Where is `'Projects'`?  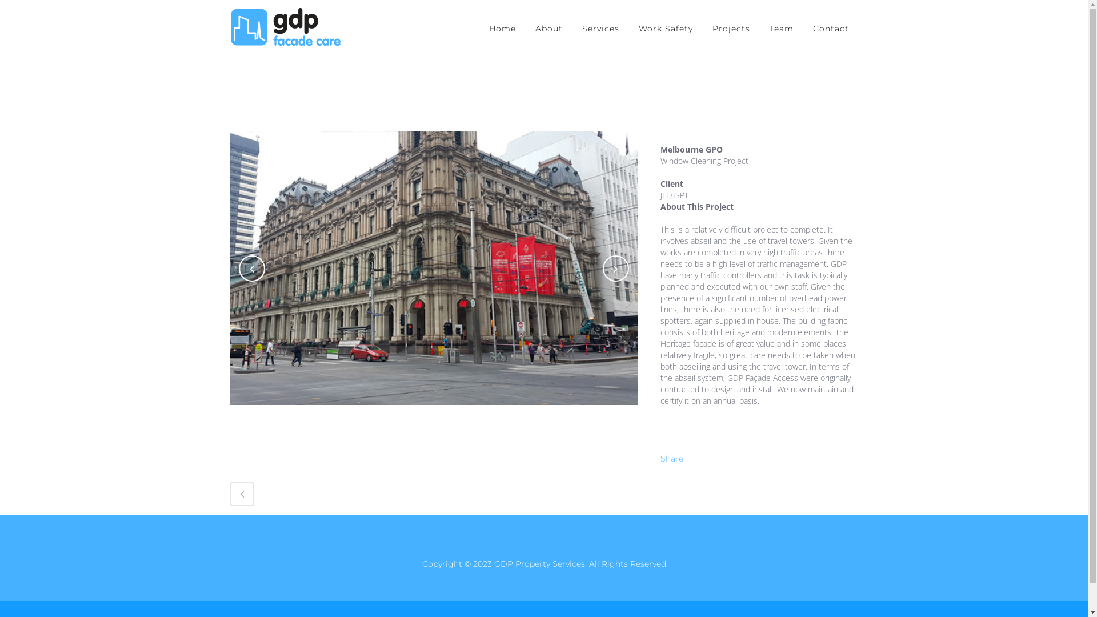 'Projects' is located at coordinates (731, 28).